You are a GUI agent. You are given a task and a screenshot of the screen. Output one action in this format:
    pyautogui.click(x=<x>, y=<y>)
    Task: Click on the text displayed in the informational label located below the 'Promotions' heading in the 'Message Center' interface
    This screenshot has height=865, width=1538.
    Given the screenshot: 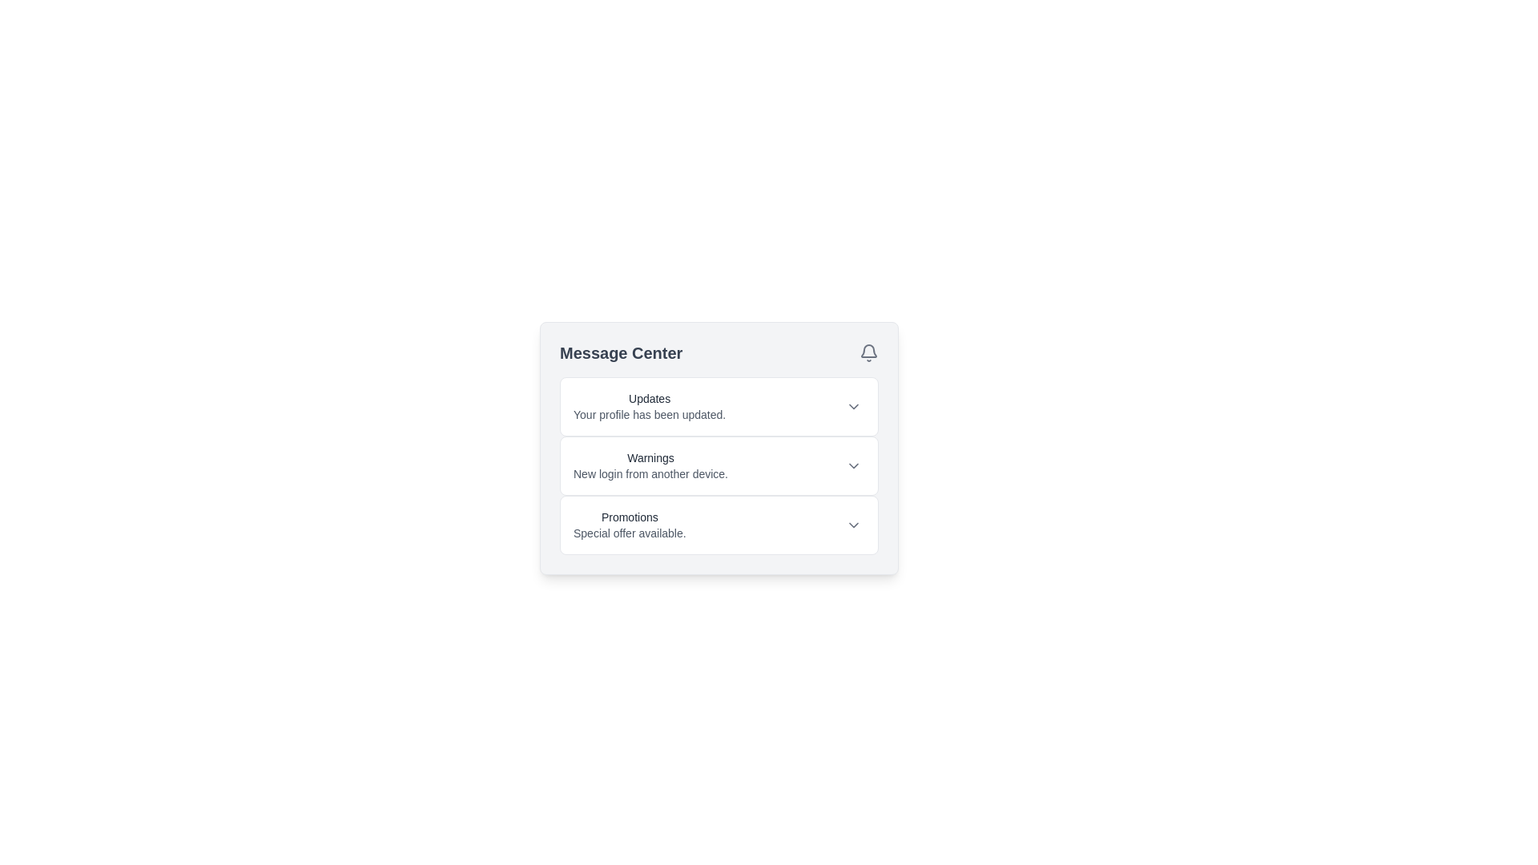 What is the action you would take?
    pyautogui.click(x=629, y=533)
    